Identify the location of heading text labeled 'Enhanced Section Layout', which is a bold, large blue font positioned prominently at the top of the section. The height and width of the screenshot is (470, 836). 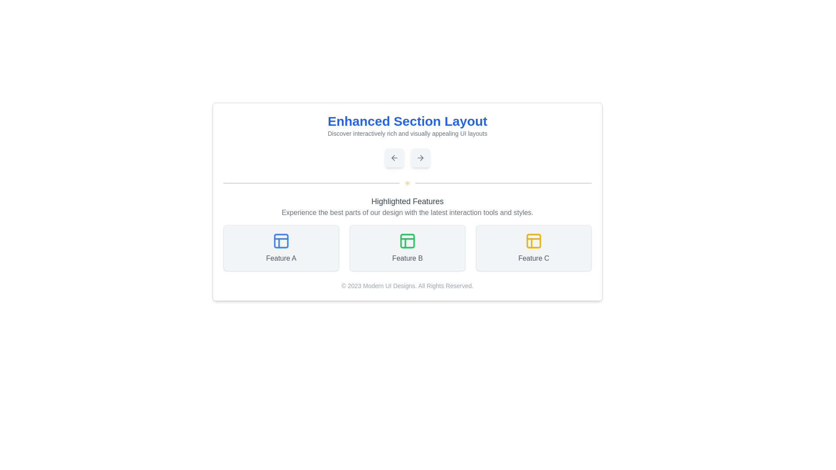
(407, 121).